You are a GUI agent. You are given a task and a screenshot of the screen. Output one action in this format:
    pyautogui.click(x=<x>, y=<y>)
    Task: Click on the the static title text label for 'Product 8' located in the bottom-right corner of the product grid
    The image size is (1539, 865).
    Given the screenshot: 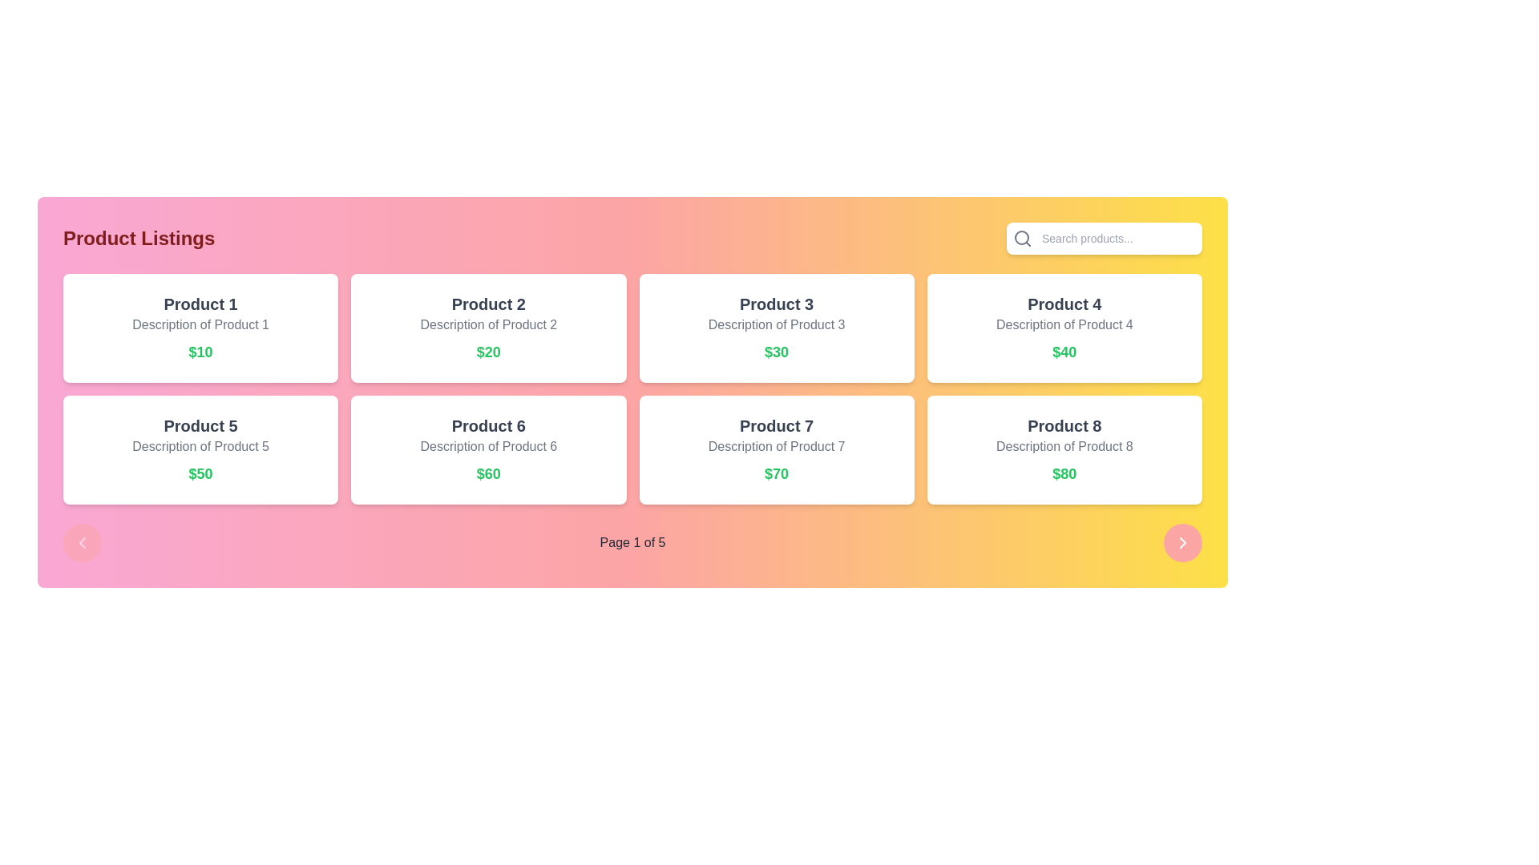 What is the action you would take?
    pyautogui.click(x=1064, y=425)
    